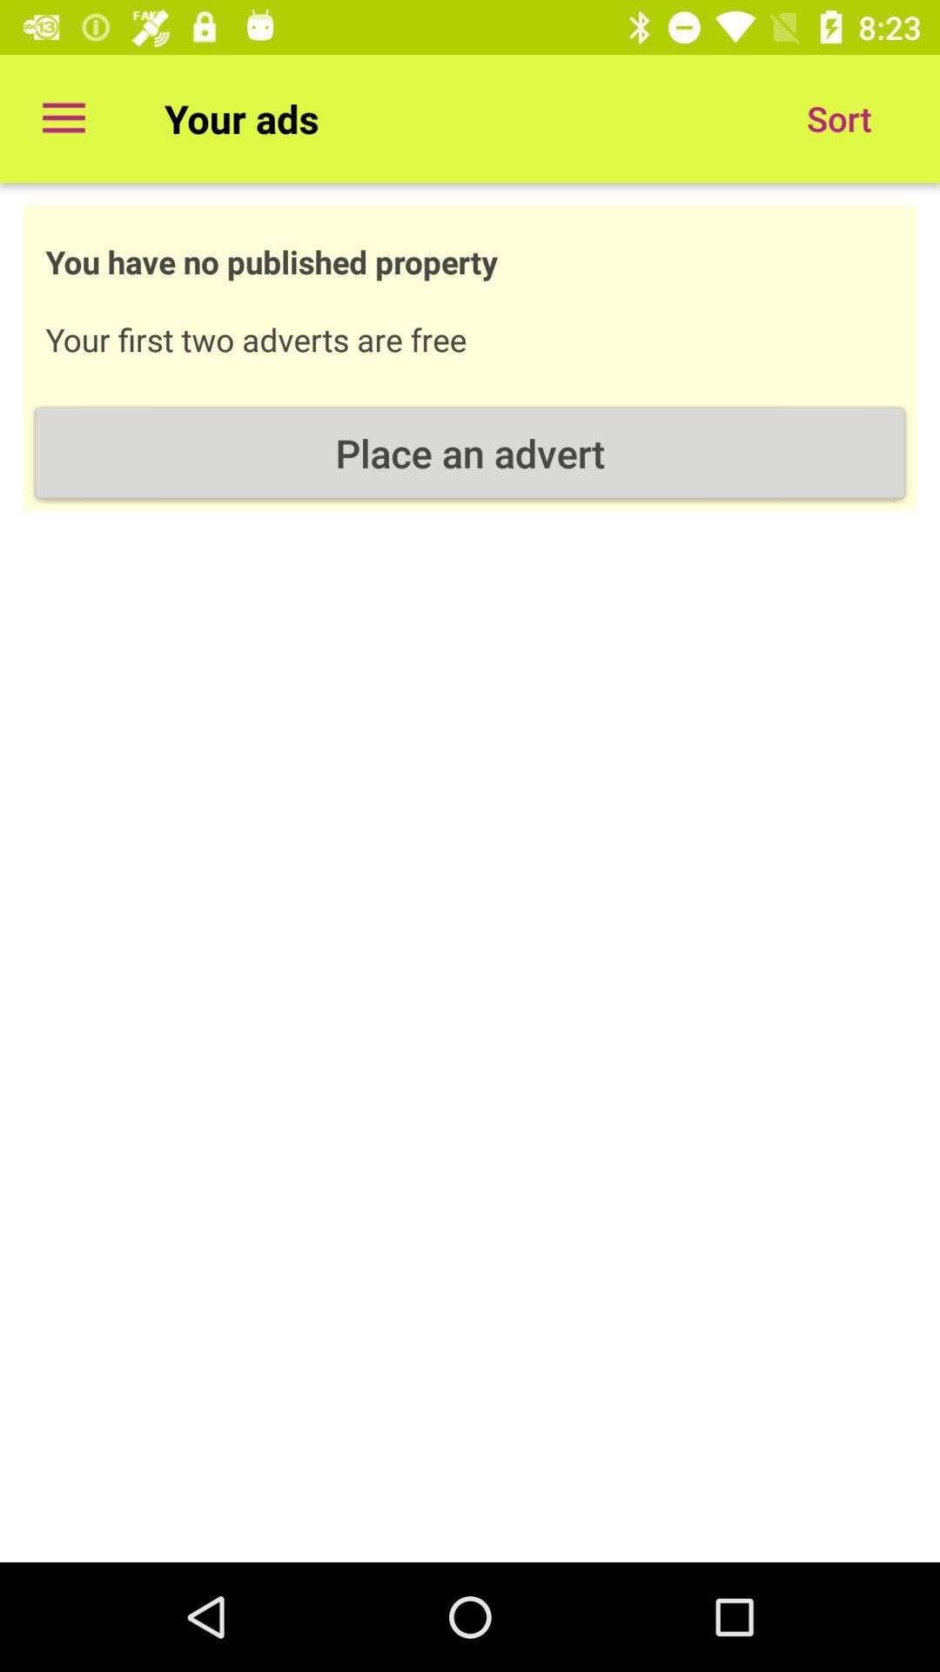 The height and width of the screenshot is (1672, 940). What do you see at coordinates (63, 118) in the screenshot?
I see `the item next to the your ads icon` at bounding box center [63, 118].